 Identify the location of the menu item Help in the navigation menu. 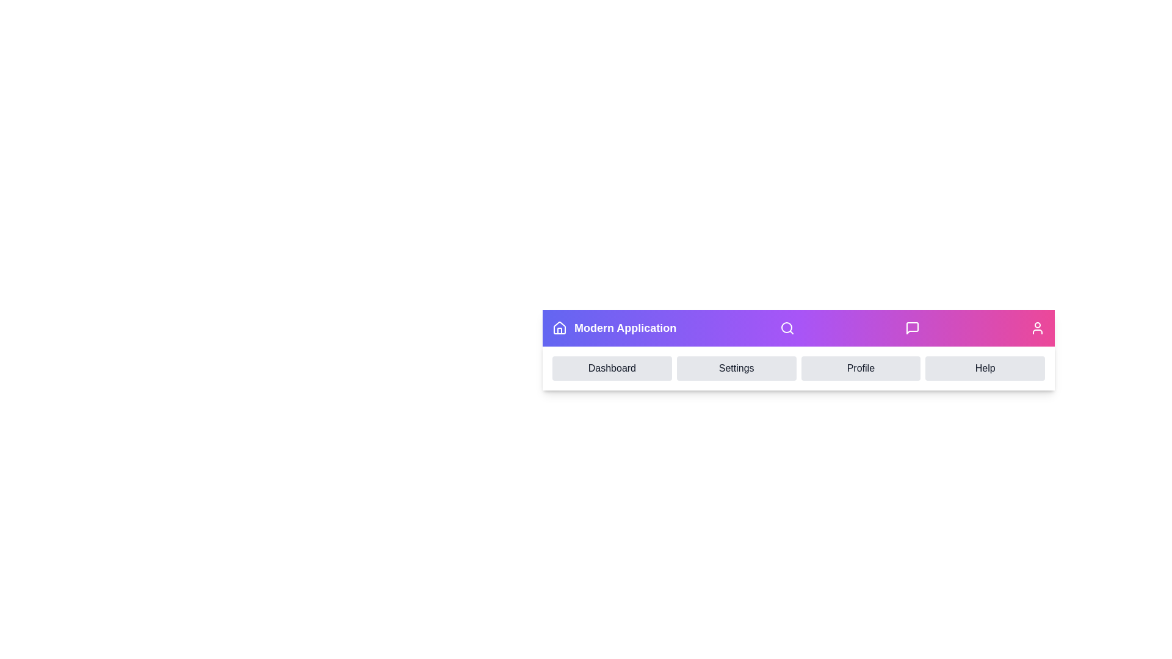
(985, 368).